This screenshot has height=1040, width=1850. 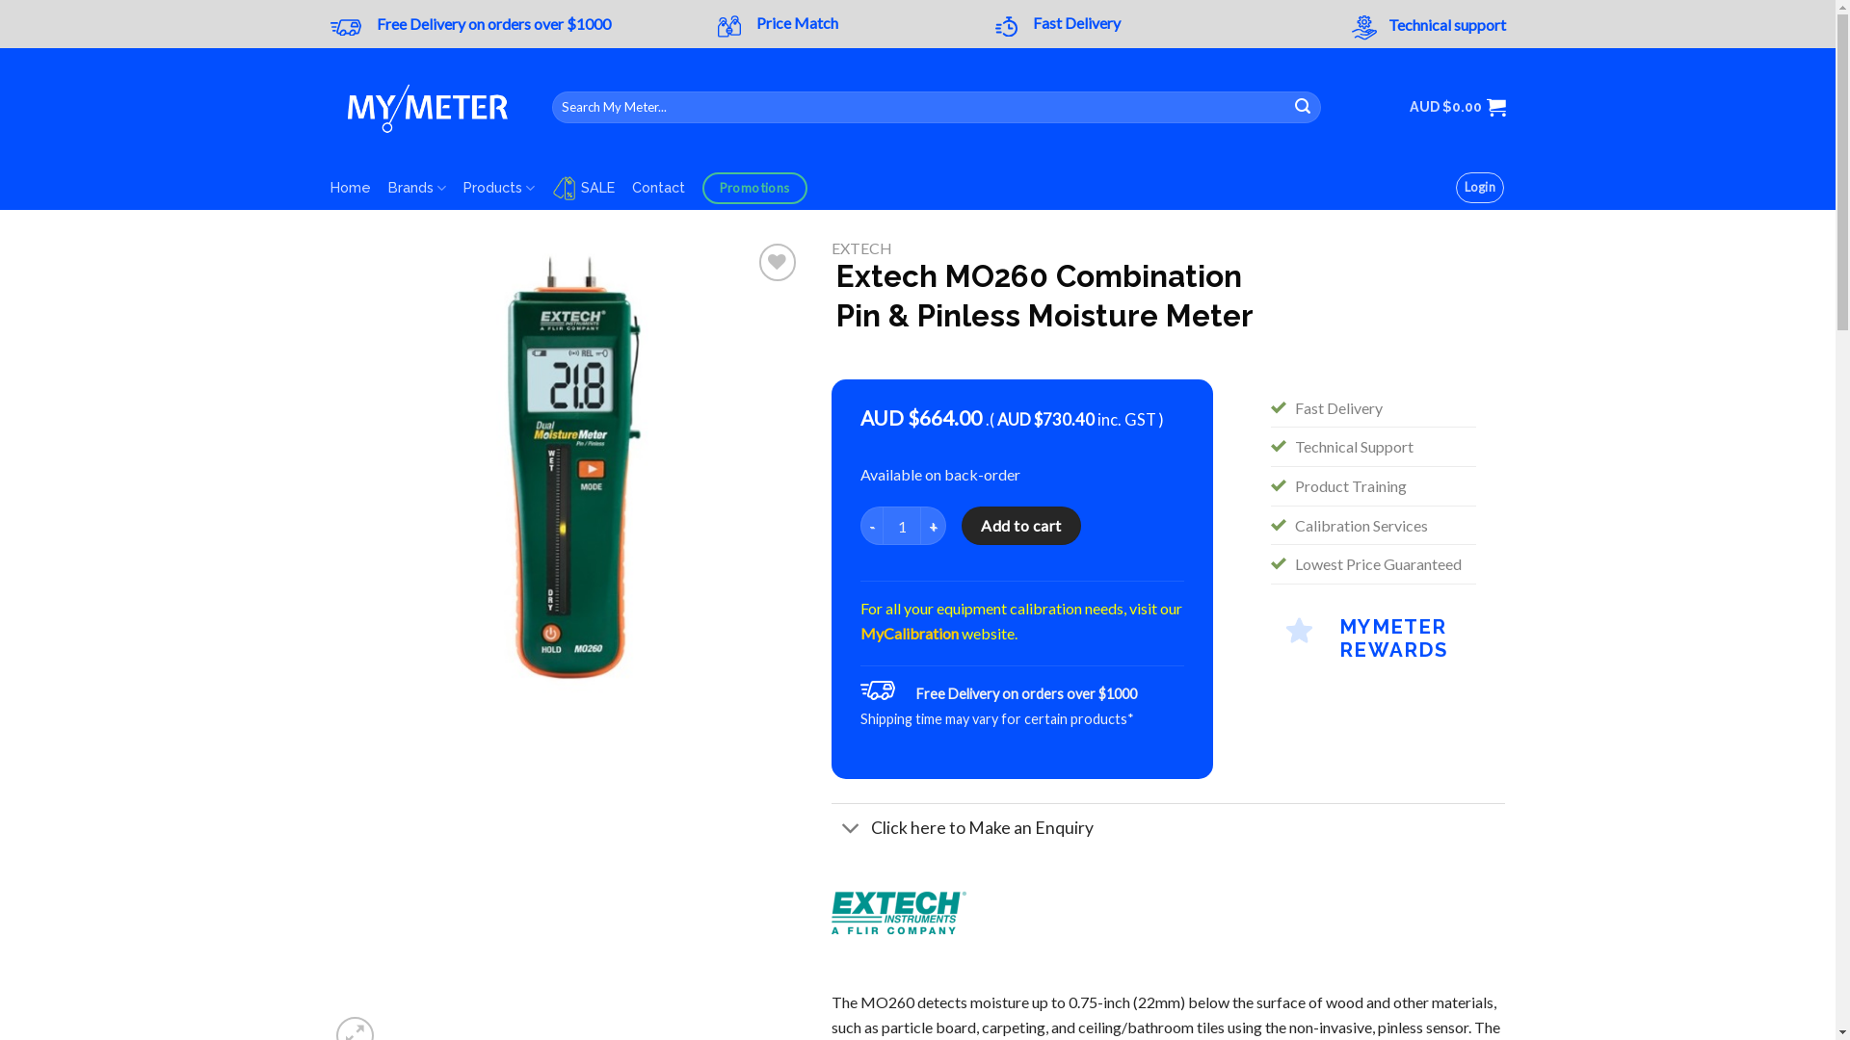 What do you see at coordinates (350, 188) in the screenshot?
I see `'Home'` at bounding box center [350, 188].